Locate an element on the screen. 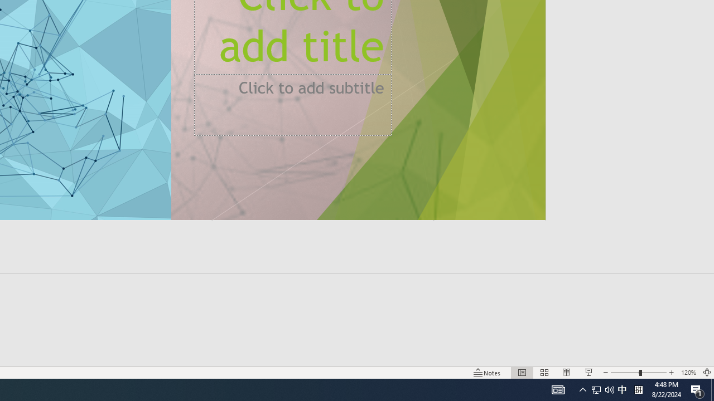 This screenshot has height=401, width=714. 'Zoom 120%' is located at coordinates (688, 373).